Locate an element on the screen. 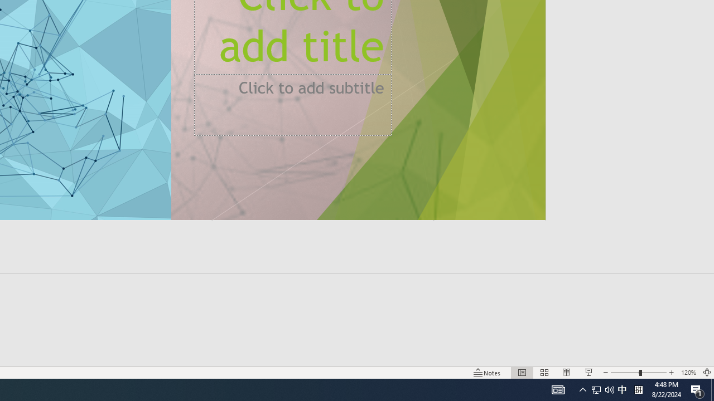 This screenshot has height=401, width=714. 'Zoom 120%' is located at coordinates (688, 373).